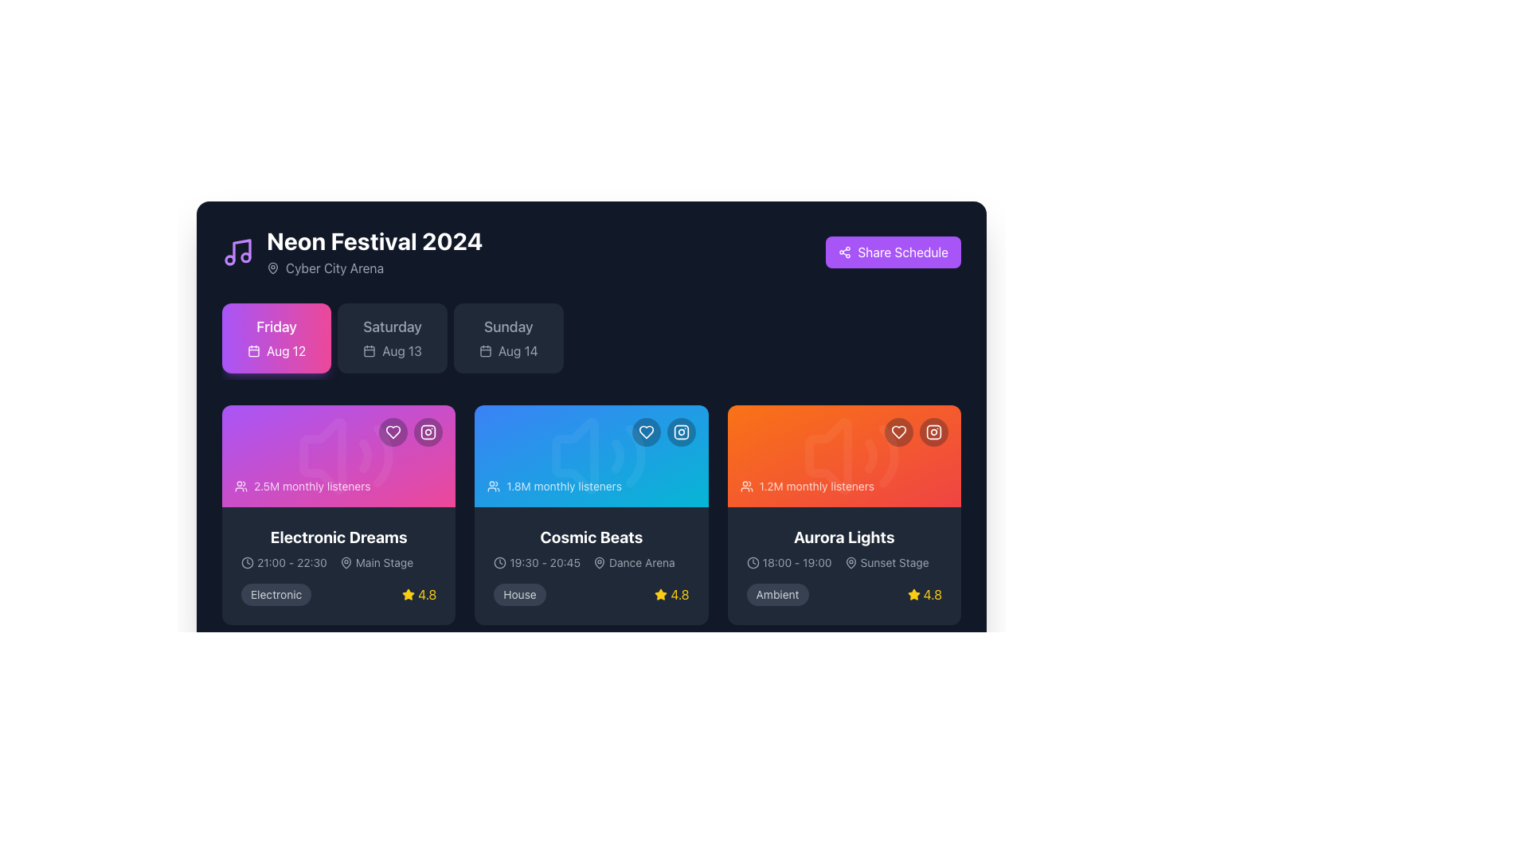 This screenshot has height=860, width=1529. What do you see at coordinates (635, 456) in the screenshot?
I see `the third stroke element of the curved graphical design resembling a quarter-circle arc within the 'Cosmic Beats' event card, located at the top-right area of the blue card` at bounding box center [635, 456].